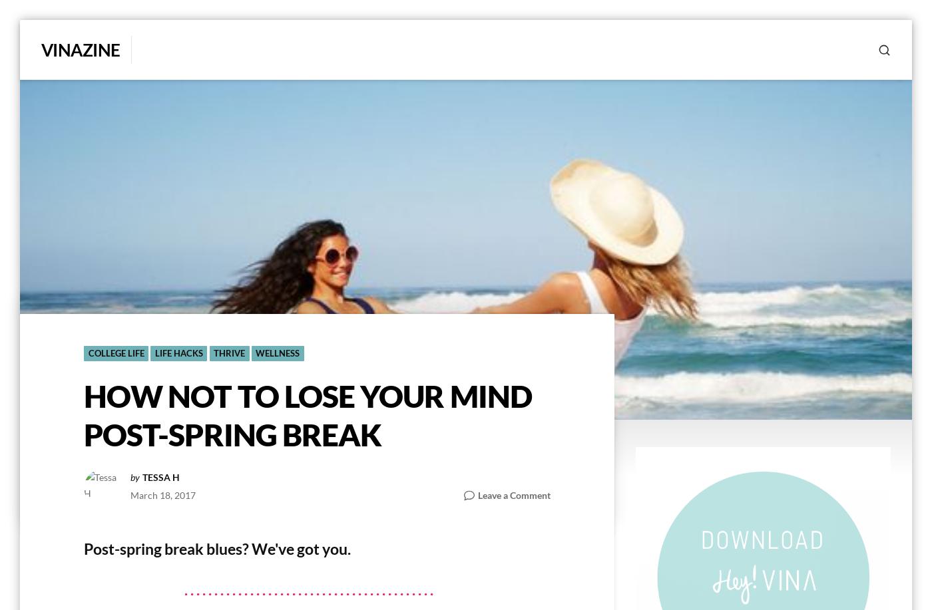 Image resolution: width=932 pixels, height=610 pixels. I want to click on 'Tessa H', so click(141, 477).